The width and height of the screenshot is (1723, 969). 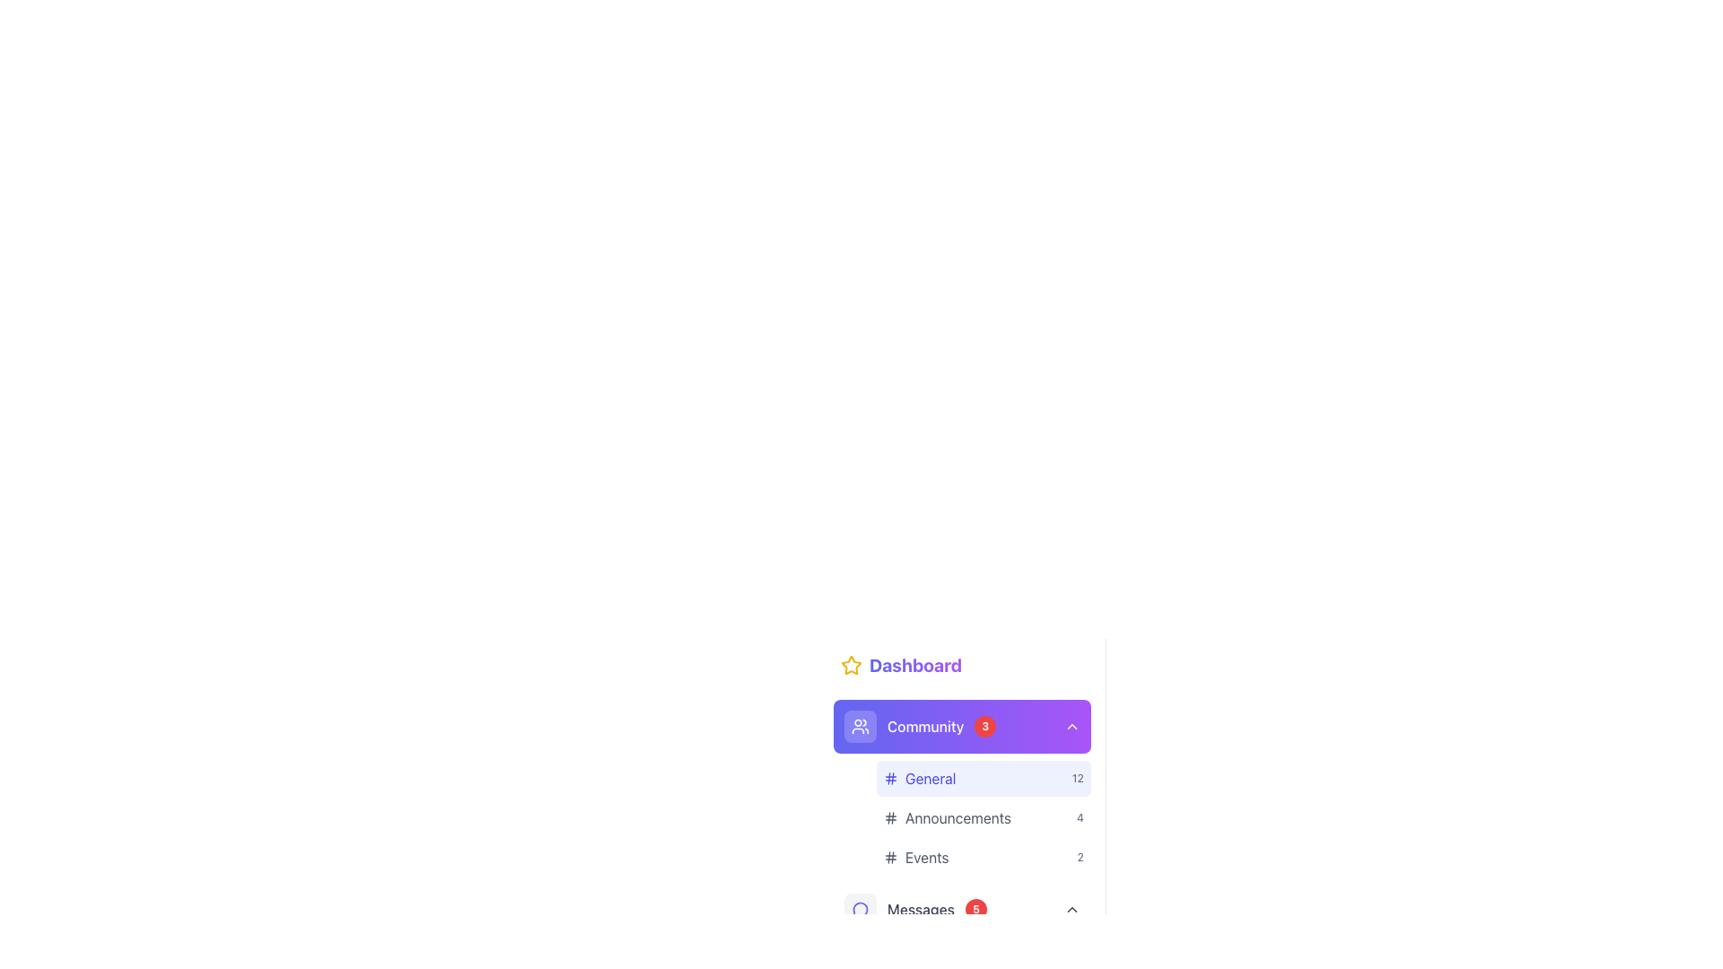 I want to click on the prominent Navigation link labeled 'Announcements' which features a bold hash symbol and is located in the left pane of the interface, as the second item under the 'Community' section, so click(x=947, y=817).